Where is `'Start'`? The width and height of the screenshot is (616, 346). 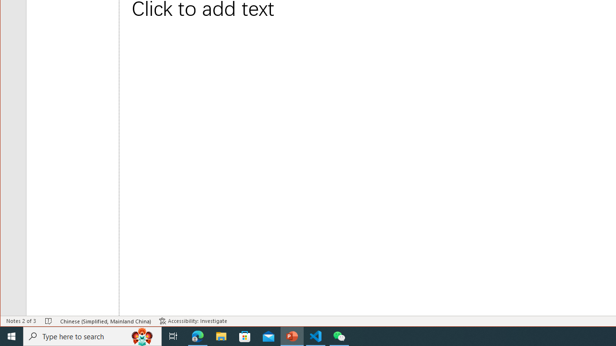
'Start' is located at coordinates (12, 335).